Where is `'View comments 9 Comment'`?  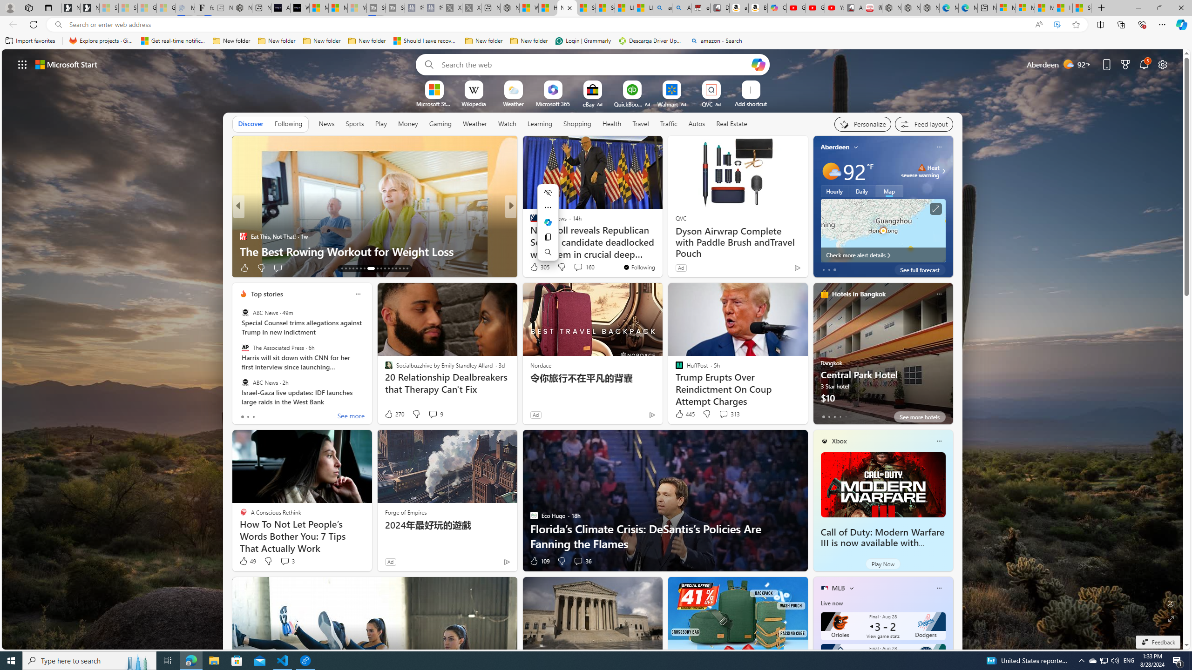 'View comments 9 Comment' is located at coordinates (435, 413).